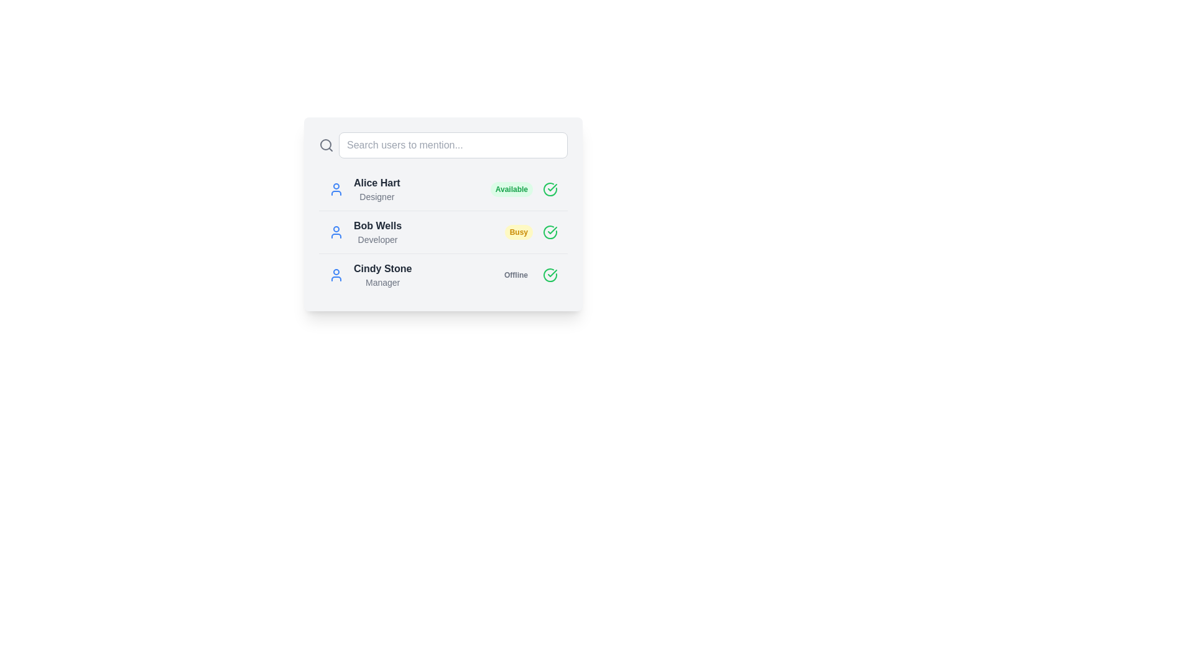  I want to click on the Text label that describes the individual named 'Bob Wells', which is positioned in the third row of a vertical list beneath the bold text 'Bob Wells', so click(377, 239).